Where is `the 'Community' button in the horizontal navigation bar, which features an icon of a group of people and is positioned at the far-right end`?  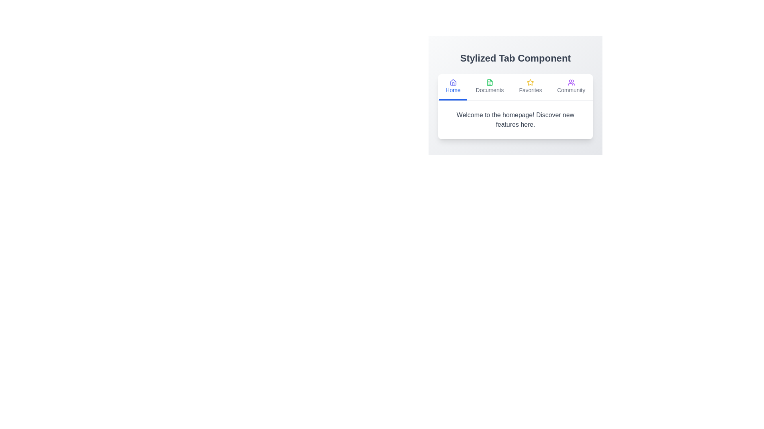 the 'Community' button in the horizontal navigation bar, which features an icon of a group of people and is positioned at the far-right end is located at coordinates (571, 87).